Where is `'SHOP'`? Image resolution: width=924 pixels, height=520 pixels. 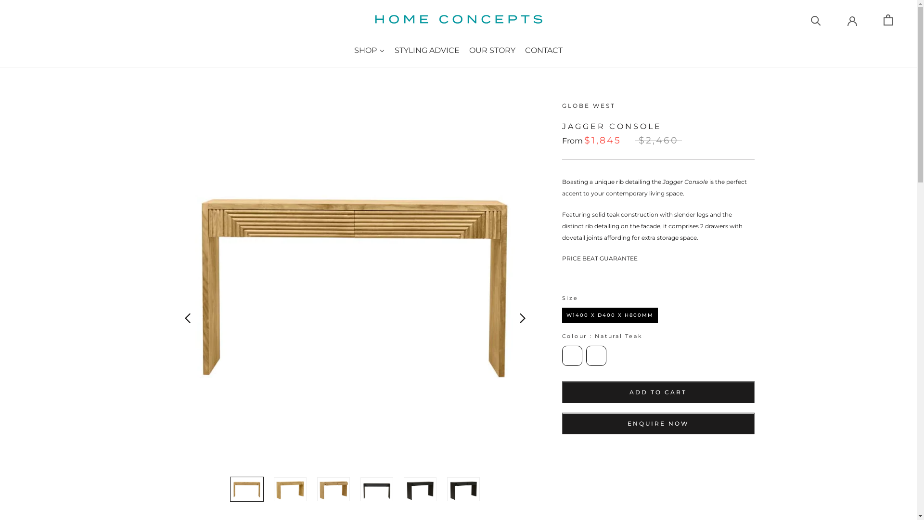
'SHOP' is located at coordinates (348, 50).